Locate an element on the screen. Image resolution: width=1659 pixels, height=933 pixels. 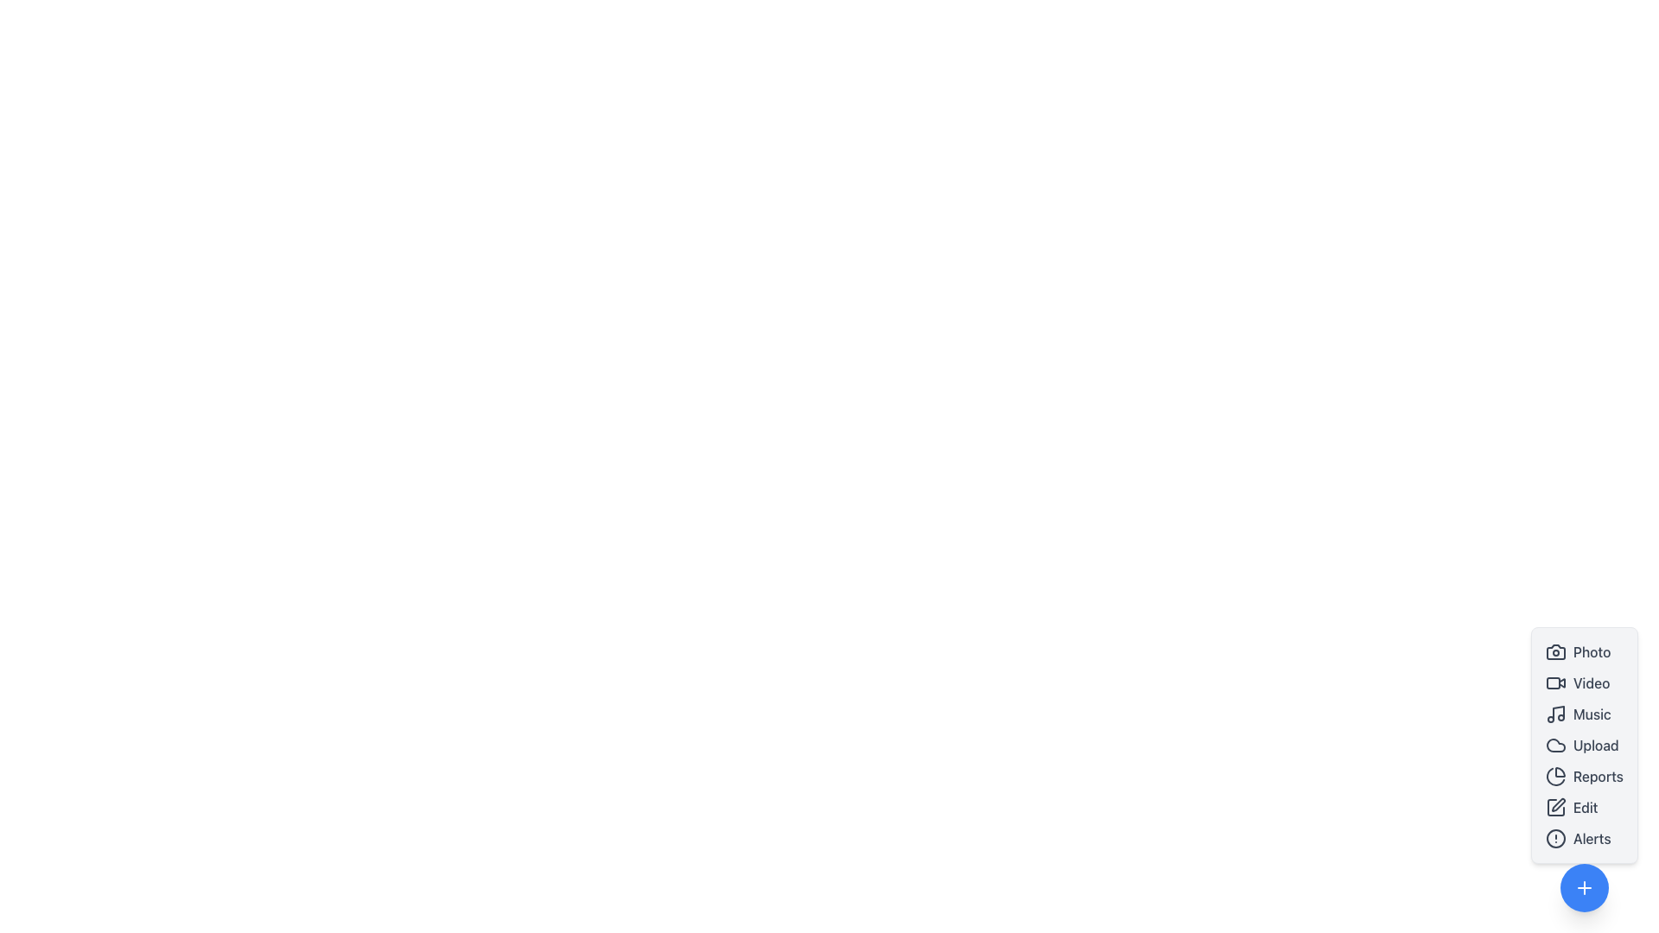
the Interactive List Item that consists of a pie chart icon followed by the text 'Reports' to trigger a visual effect is located at coordinates (1584, 775).